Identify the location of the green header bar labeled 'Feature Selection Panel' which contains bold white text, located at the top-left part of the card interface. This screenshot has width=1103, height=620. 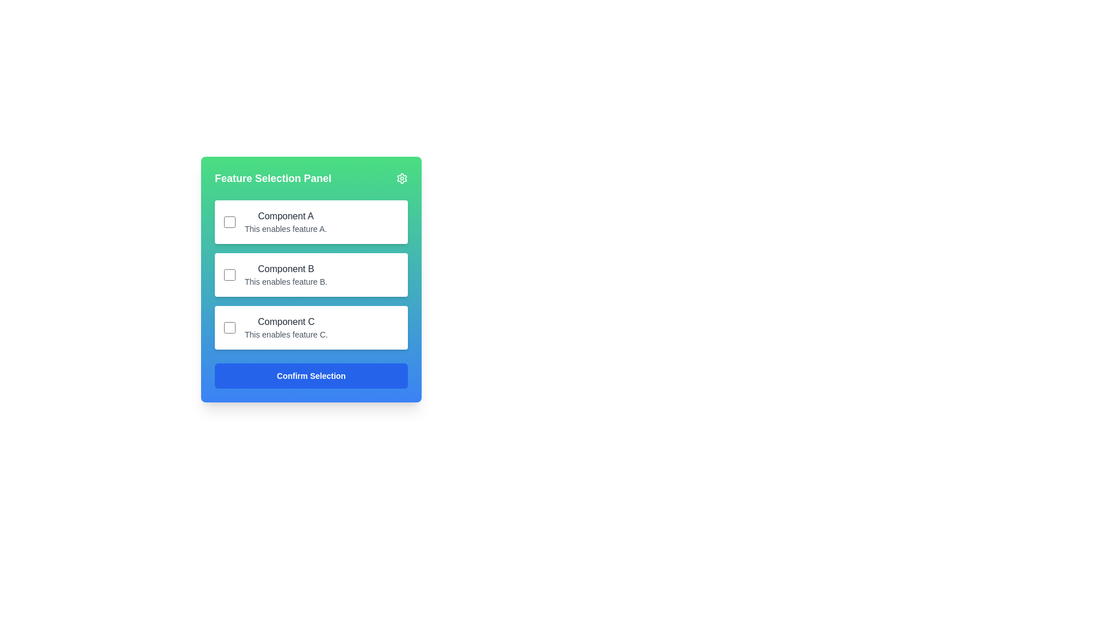
(272, 179).